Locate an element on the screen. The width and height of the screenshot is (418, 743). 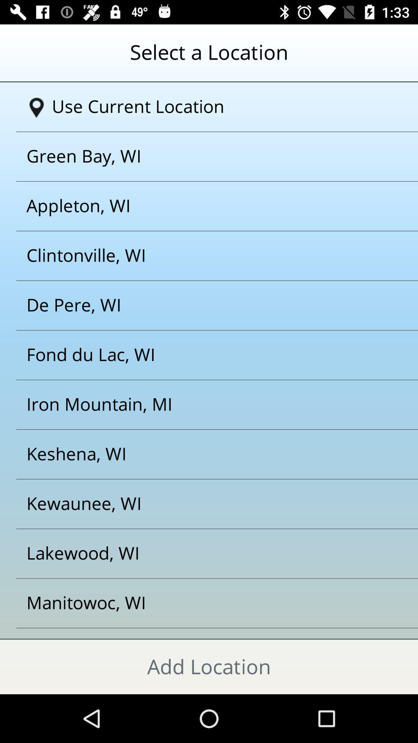
text below clintonvillewi is located at coordinates (199, 305).